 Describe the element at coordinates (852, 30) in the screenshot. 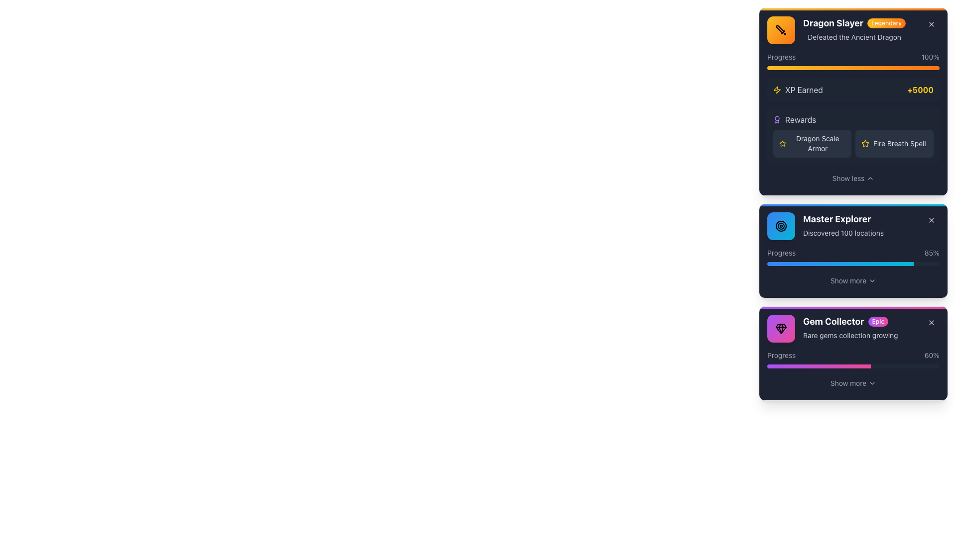

I see `the badge in the Header component located at the top-left section of the first card` at that location.